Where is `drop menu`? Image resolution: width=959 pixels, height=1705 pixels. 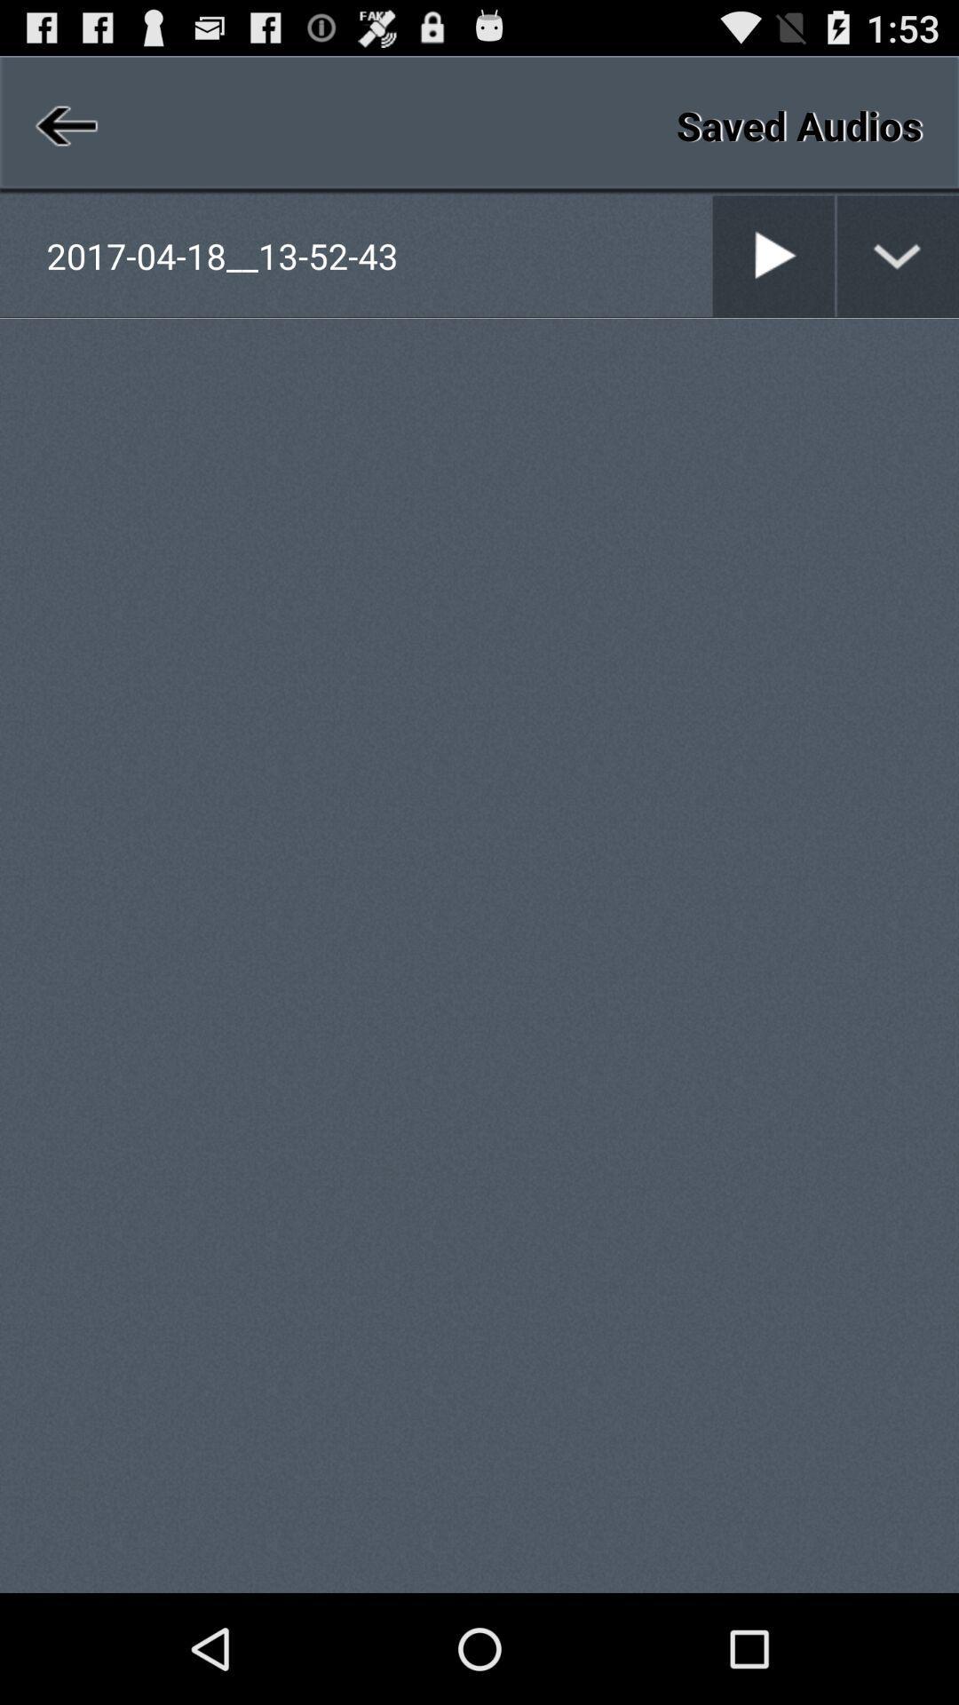
drop menu is located at coordinates (898, 255).